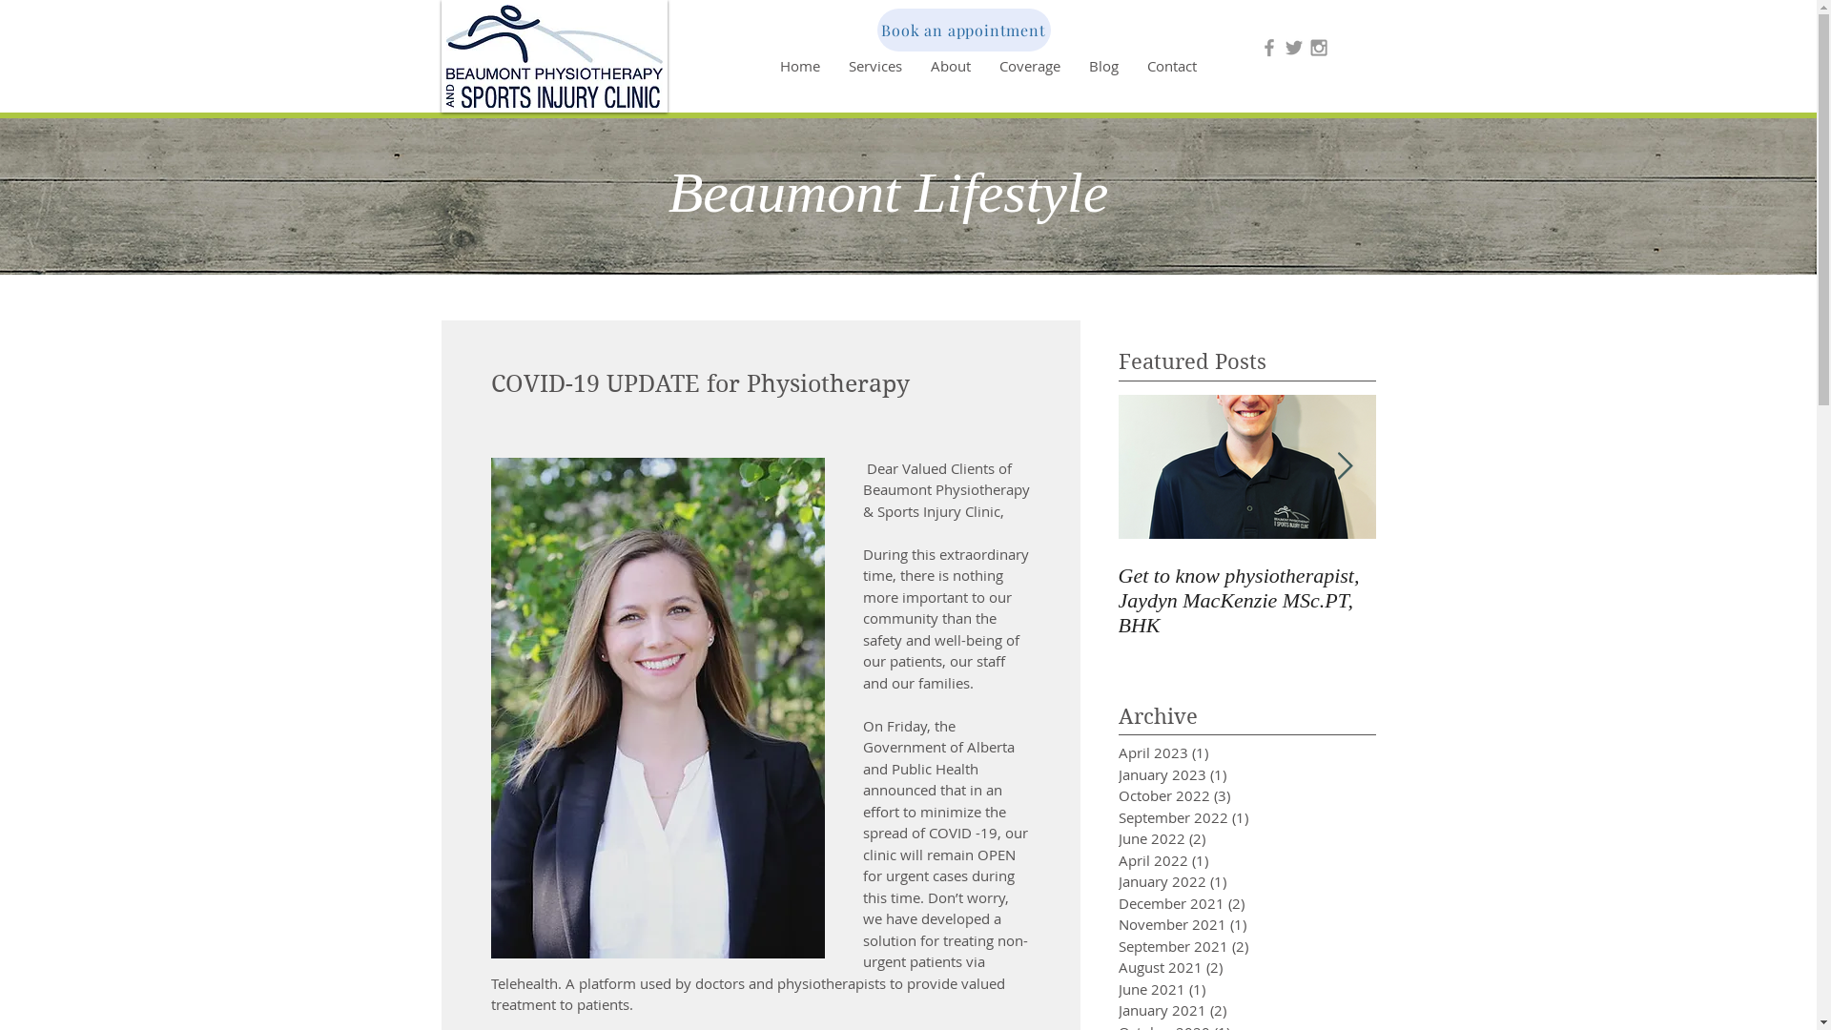 The width and height of the screenshot is (1831, 1030). What do you see at coordinates (1216, 923) in the screenshot?
I see `'November 2021 (1)'` at bounding box center [1216, 923].